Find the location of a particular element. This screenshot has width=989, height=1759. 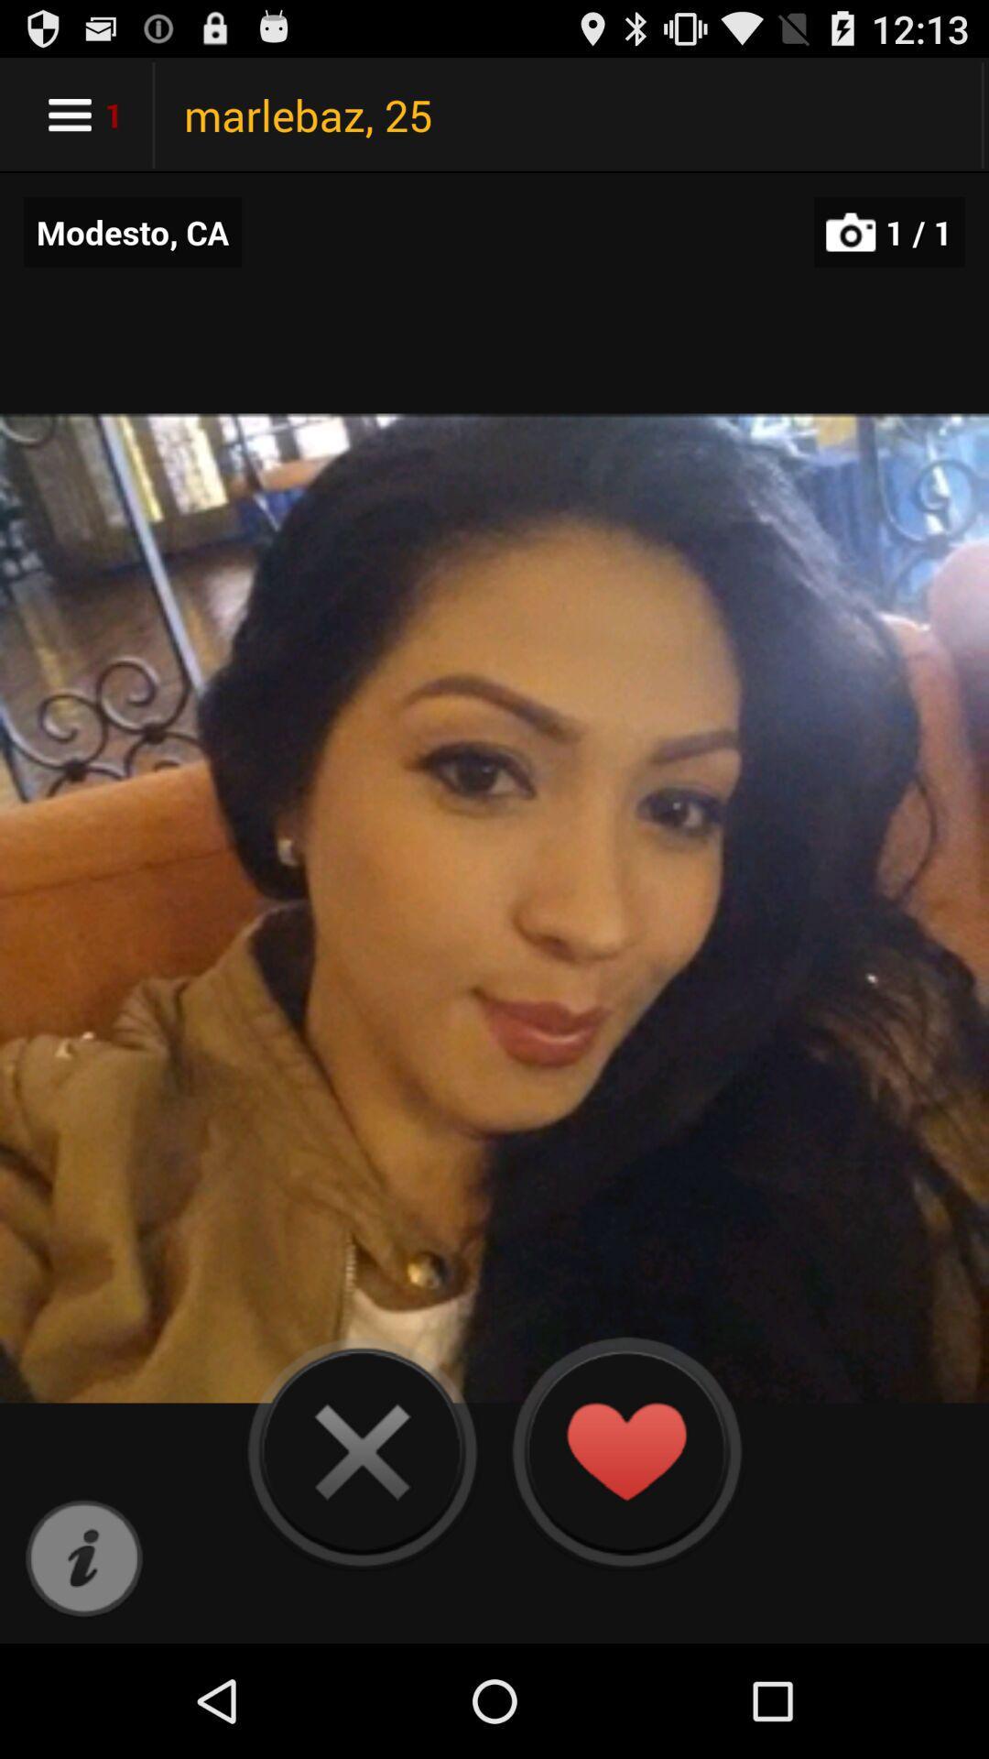

dislike picture is located at coordinates (362, 1450).